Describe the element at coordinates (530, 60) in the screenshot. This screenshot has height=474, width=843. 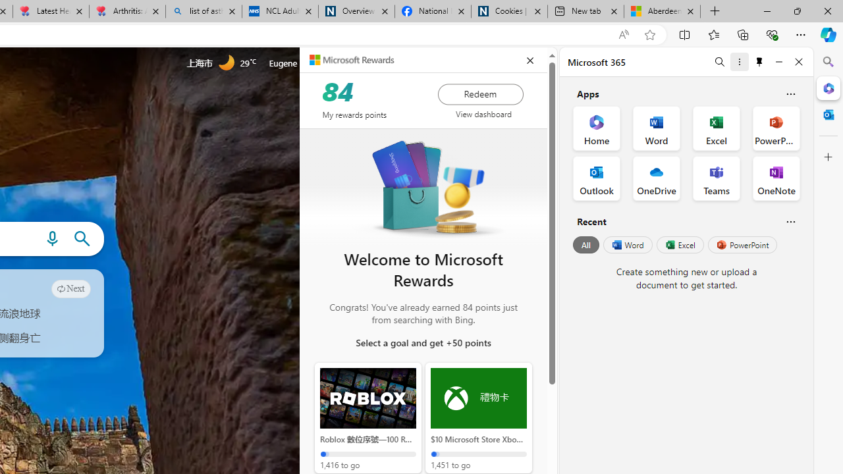
I see `'closeEduPanel'` at that location.